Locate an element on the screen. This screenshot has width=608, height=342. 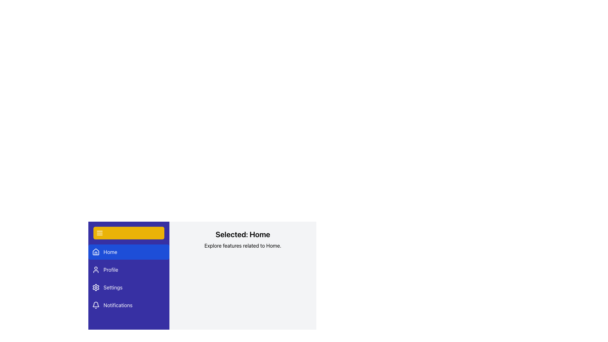
the Text Display element that contains the text 'Explore features related to Home.', located below the headline 'Selected: Home' is located at coordinates (243, 245).